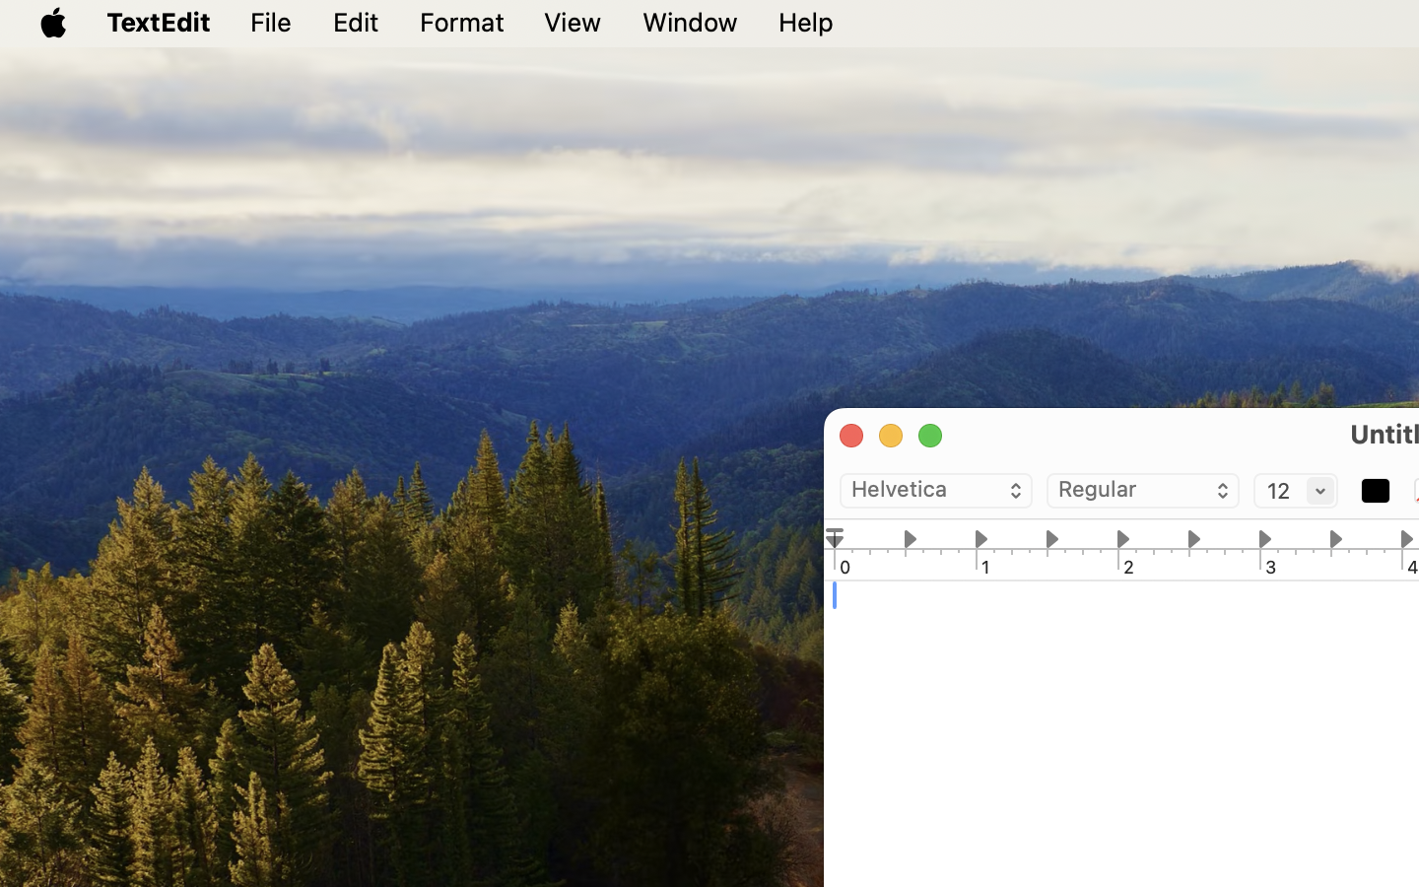  Describe the element at coordinates (1375, 490) in the screenshot. I see `'rgb 0 0 0 1'` at that location.